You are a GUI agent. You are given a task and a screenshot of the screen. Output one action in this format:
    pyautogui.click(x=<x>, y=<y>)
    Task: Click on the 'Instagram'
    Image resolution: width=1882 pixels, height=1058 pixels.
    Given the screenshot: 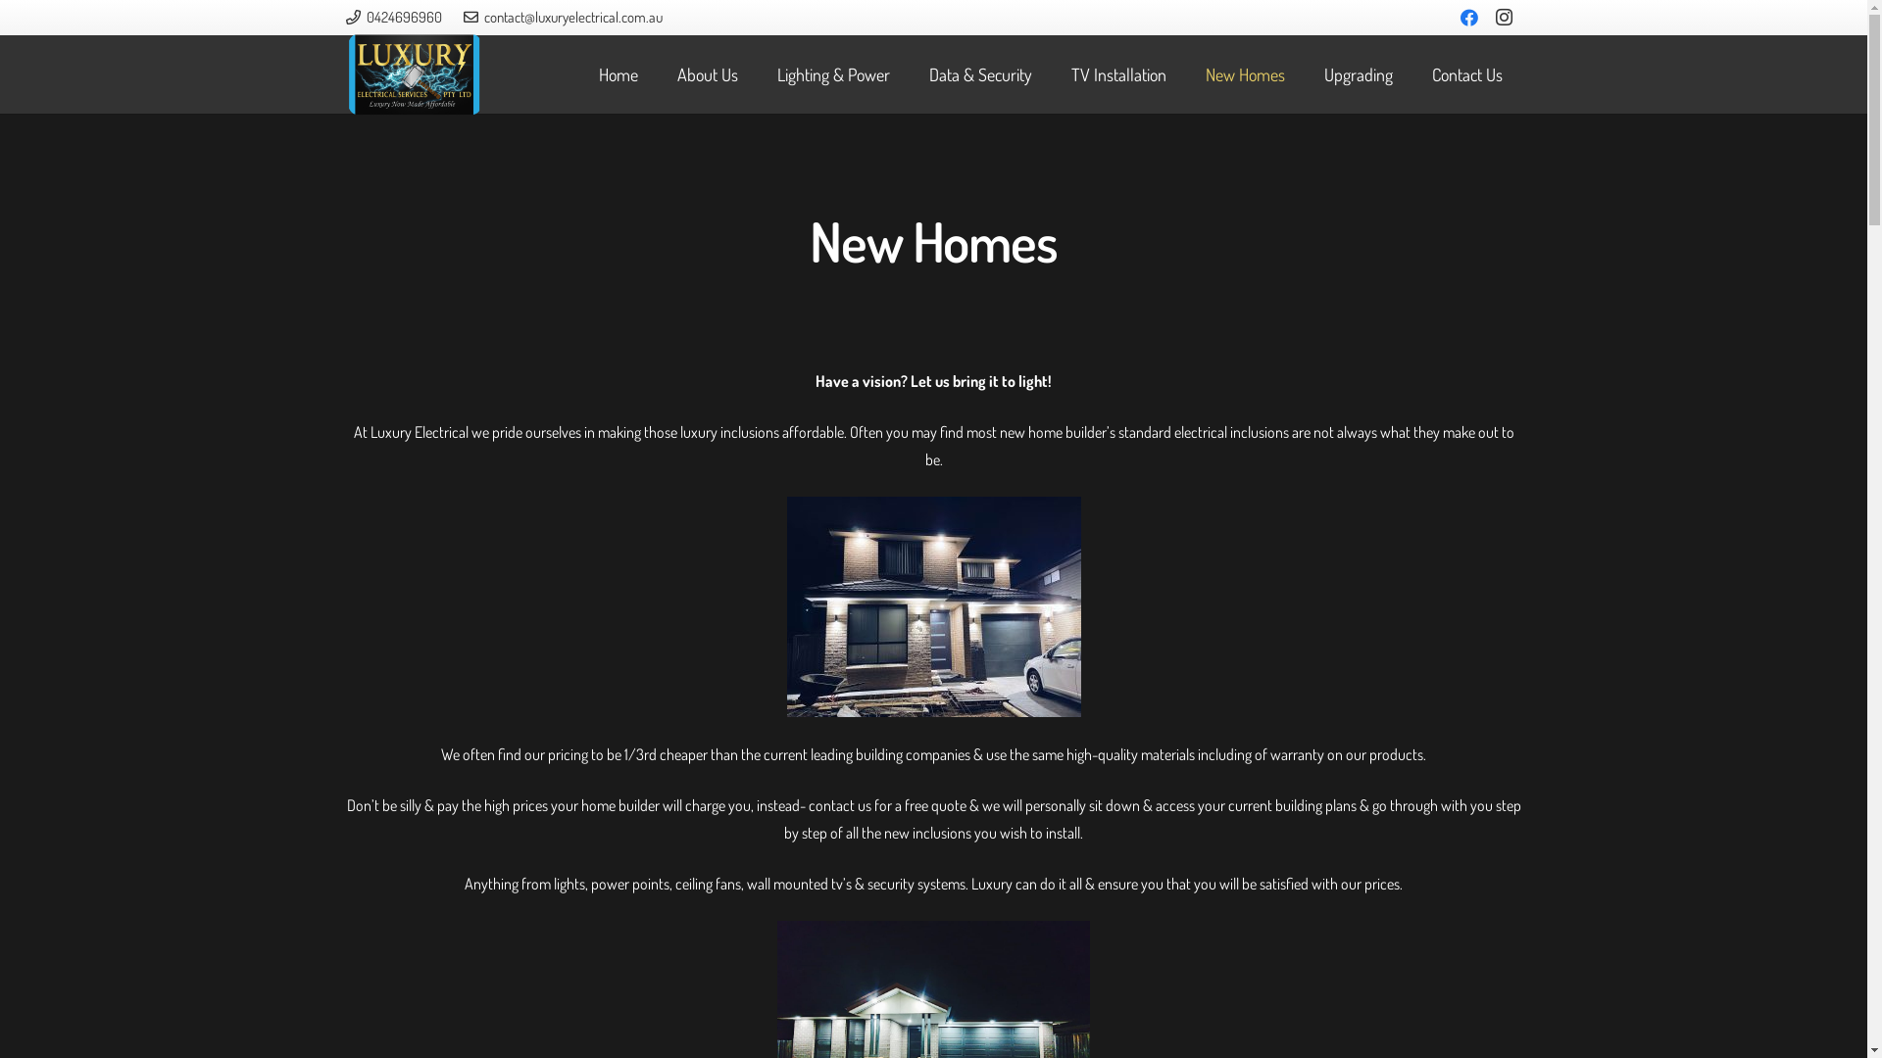 What is the action you would take?
    pyautogui.click(x=1504, y=18)
    